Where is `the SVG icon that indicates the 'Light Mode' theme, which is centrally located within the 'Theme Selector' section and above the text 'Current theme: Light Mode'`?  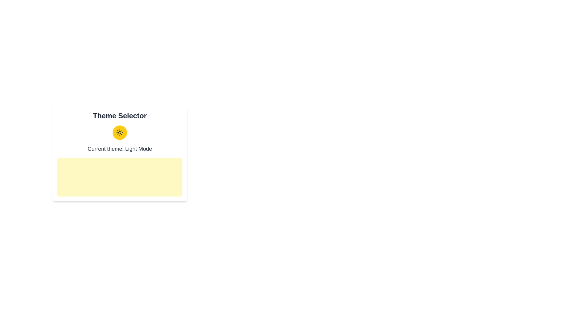 the SVG icon that indicates the 'Light Mode' theme, which is centrally located within the 'Theme Selector' section and above the text 'Current theme: Light Mode' is located at coordinates (120, 132).